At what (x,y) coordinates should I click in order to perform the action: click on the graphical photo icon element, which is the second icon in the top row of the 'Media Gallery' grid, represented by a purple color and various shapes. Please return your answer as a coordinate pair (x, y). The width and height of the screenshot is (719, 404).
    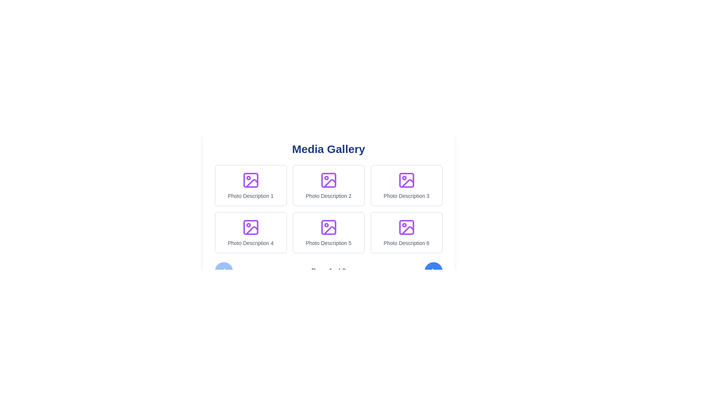
    Looking at the image, I should click on (330, 183).